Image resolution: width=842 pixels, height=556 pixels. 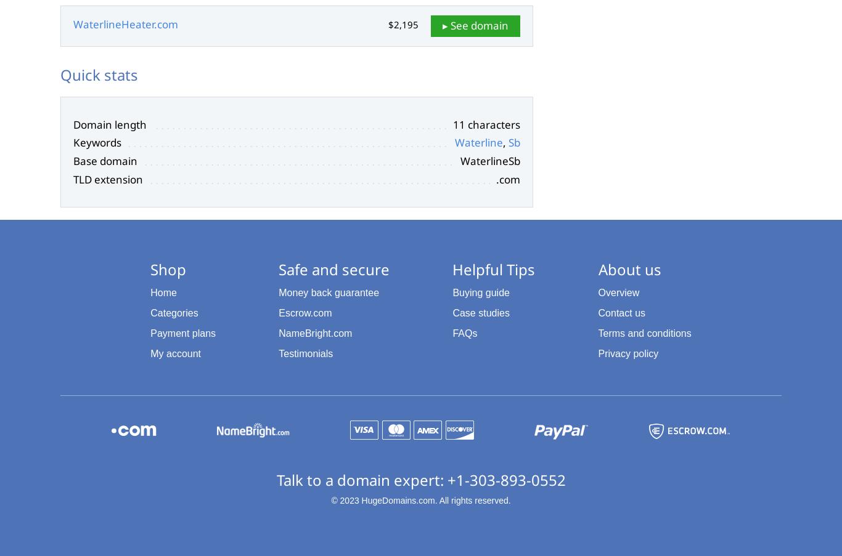 What do you see at coordinates (72, 124) in the screenshot?
I see `'Domain length'` at bounding box center [72, 124].